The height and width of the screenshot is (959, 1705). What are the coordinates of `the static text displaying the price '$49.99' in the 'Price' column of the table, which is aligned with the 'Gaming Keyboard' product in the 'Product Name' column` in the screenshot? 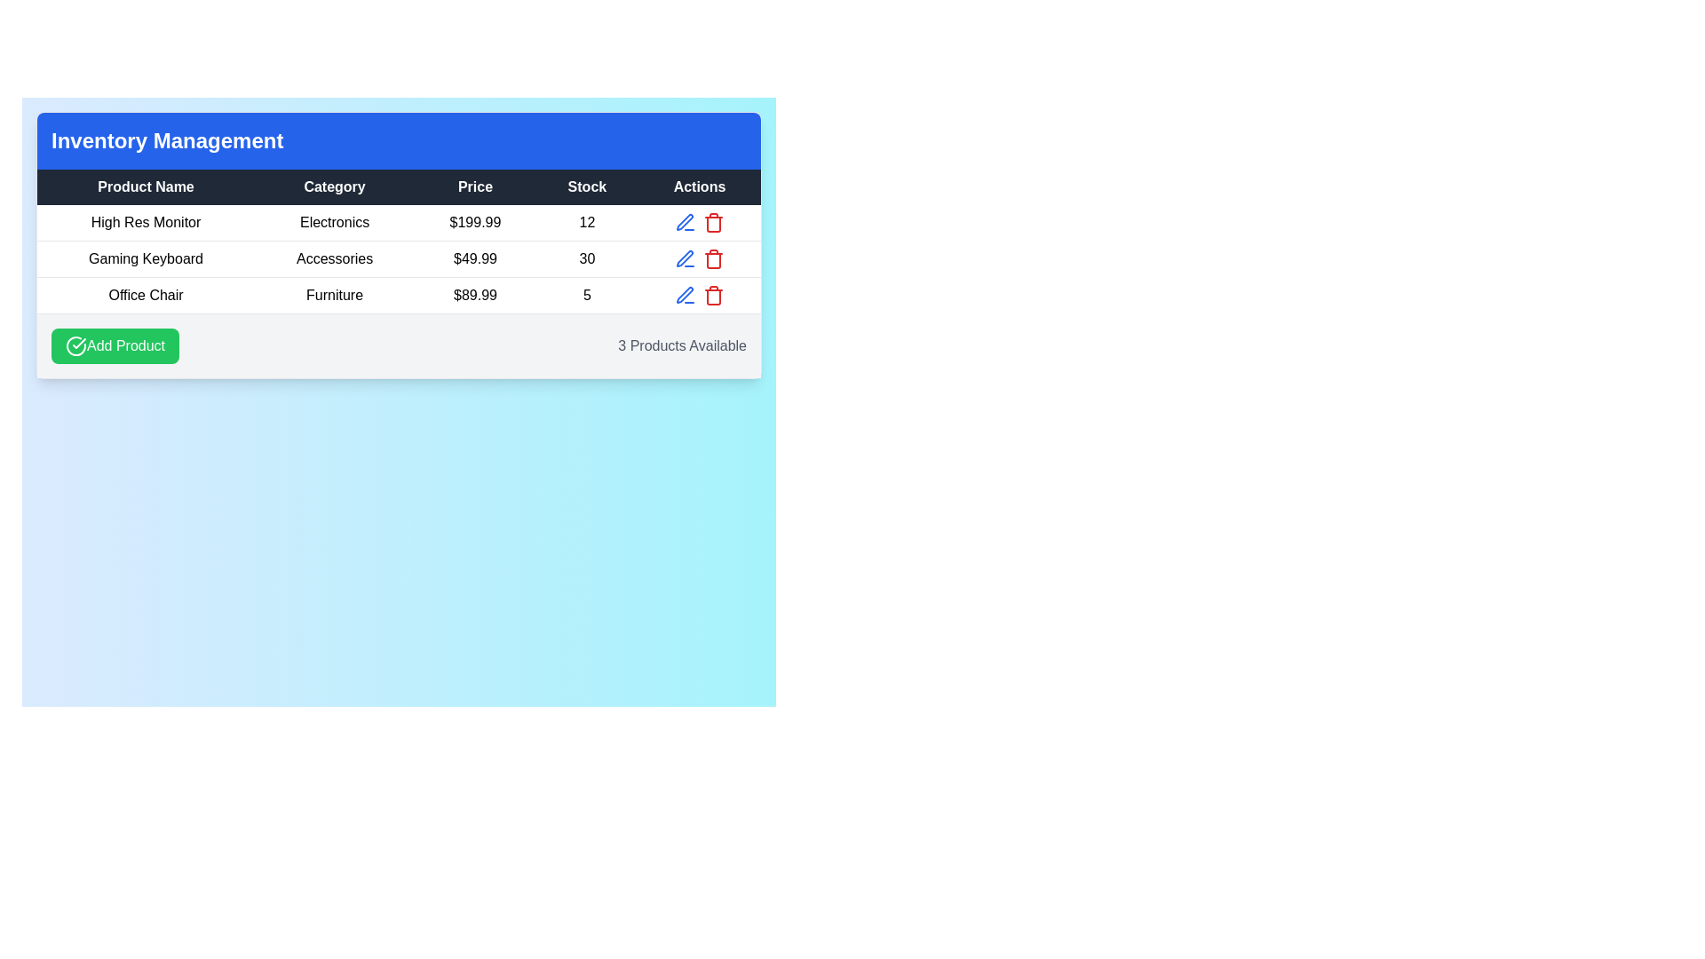 It's located at (475, 259).